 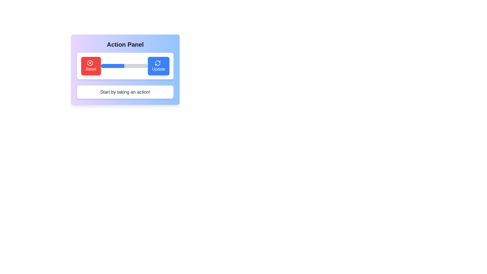 I want to click on the circular rotating arrow icon inside the blue 'Update' button, so click(x=157, y=63).